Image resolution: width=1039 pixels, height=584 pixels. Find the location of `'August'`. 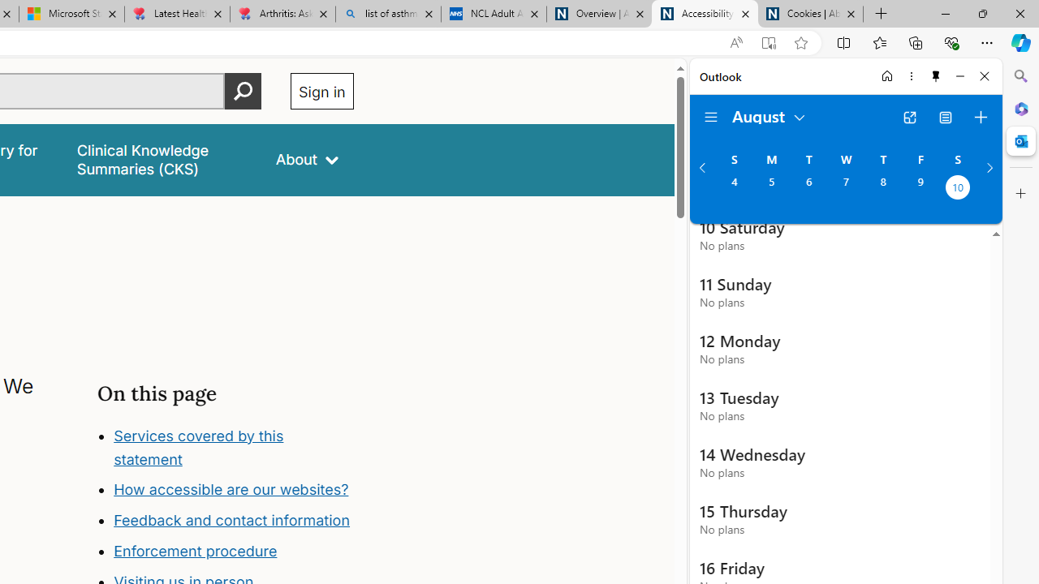

'August' is located at coordinates (769, 114).